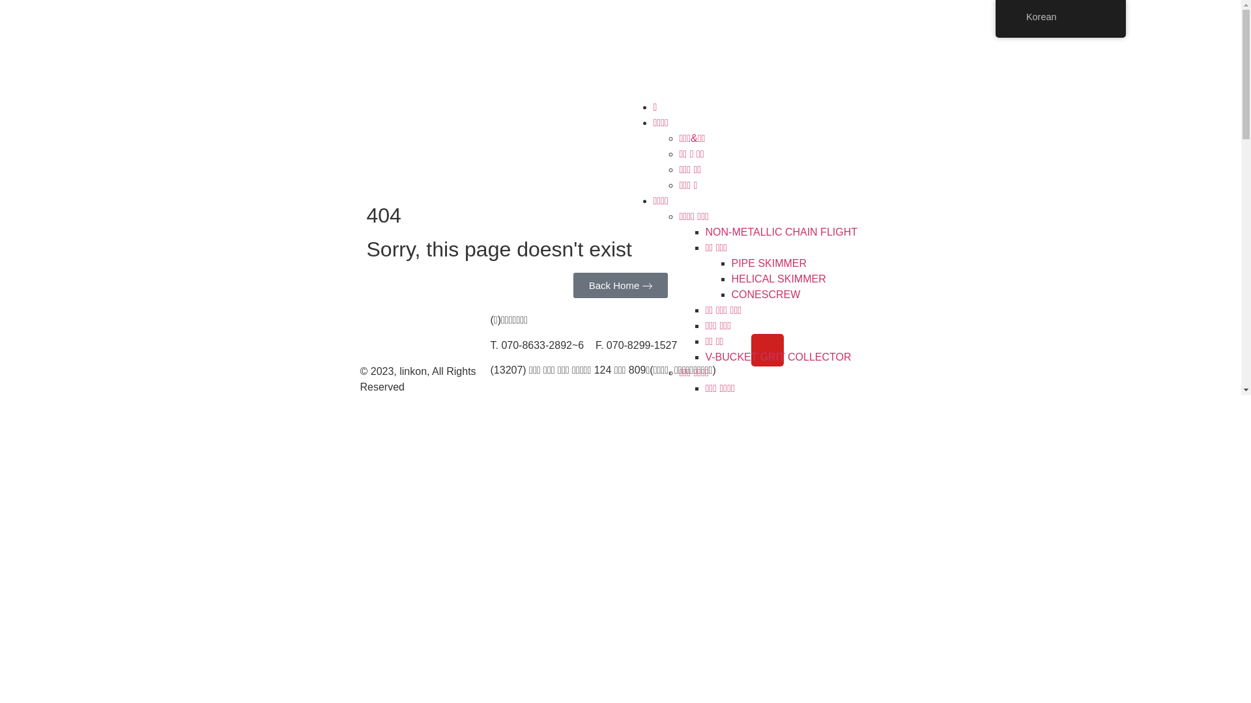 This screenshot has width=1251, height=703. I want to click on 'arrow-icon-size3, so click(620, 284).